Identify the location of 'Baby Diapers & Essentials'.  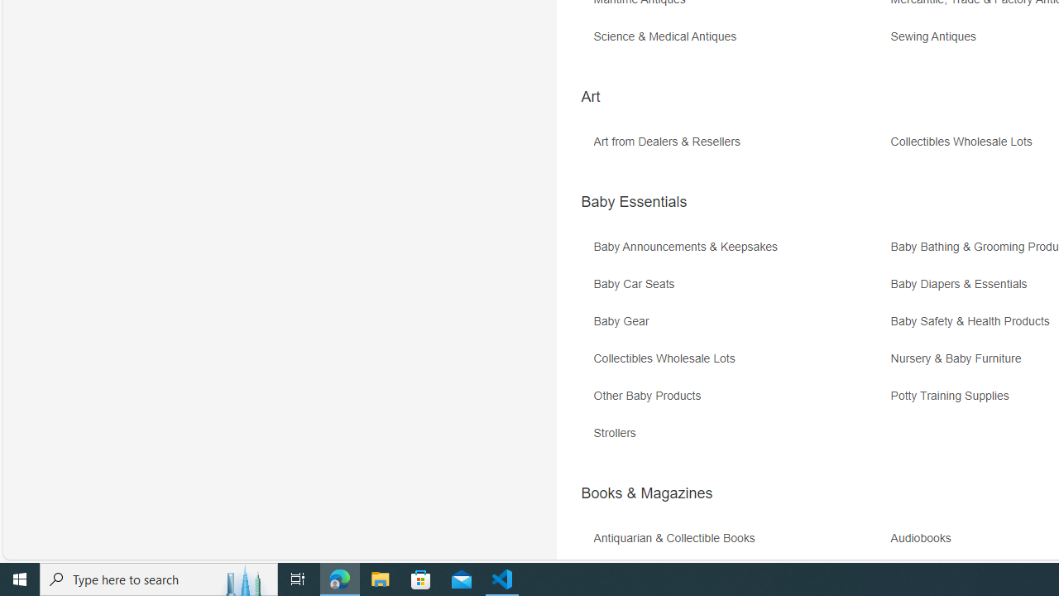
(963, 283).